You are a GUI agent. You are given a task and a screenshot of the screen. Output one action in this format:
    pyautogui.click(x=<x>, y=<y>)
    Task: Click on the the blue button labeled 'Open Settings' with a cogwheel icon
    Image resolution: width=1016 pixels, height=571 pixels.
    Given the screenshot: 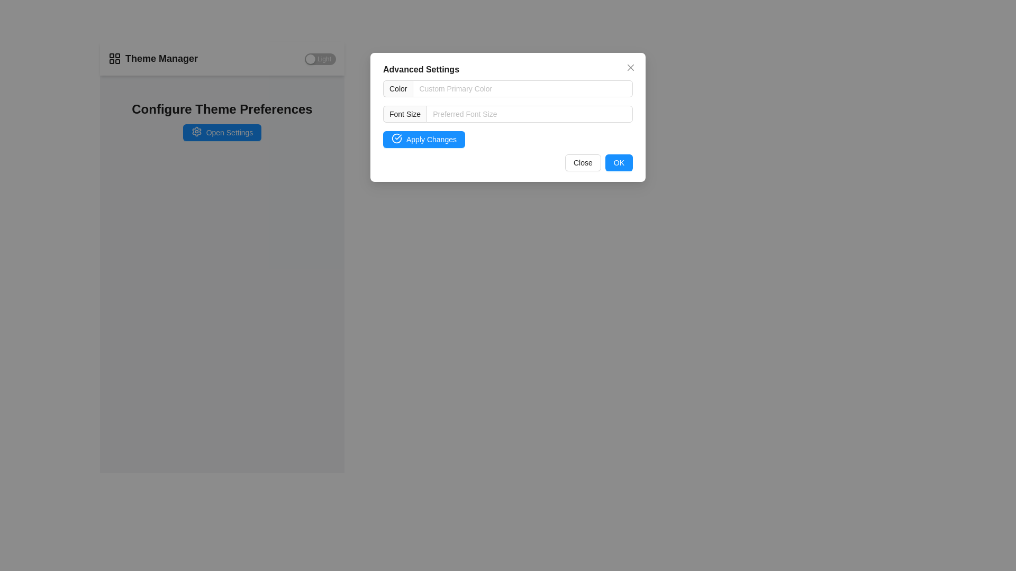 What is the action you would take?
    pyautogui.click(x=222, y=132)
    